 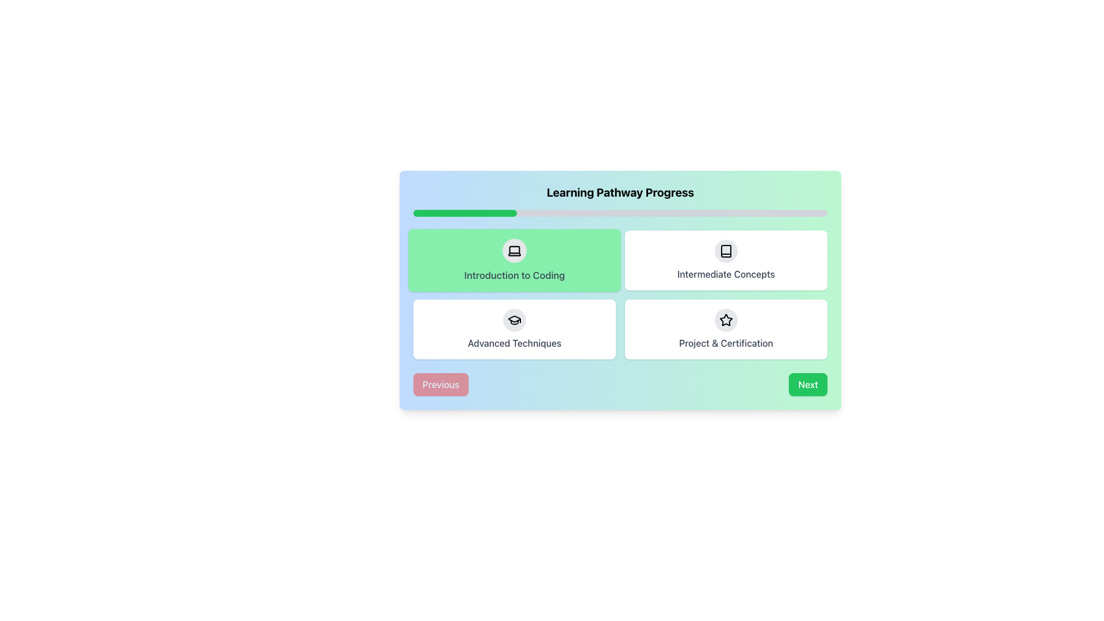 What do you see at coordinates (725, 250) in the screenshot?
I see `the icon representing the 'Intermediate Concepts' course section located at the center of the top-right button in a 2x2 grid of course section buttons` at bounding box center [725, 250].